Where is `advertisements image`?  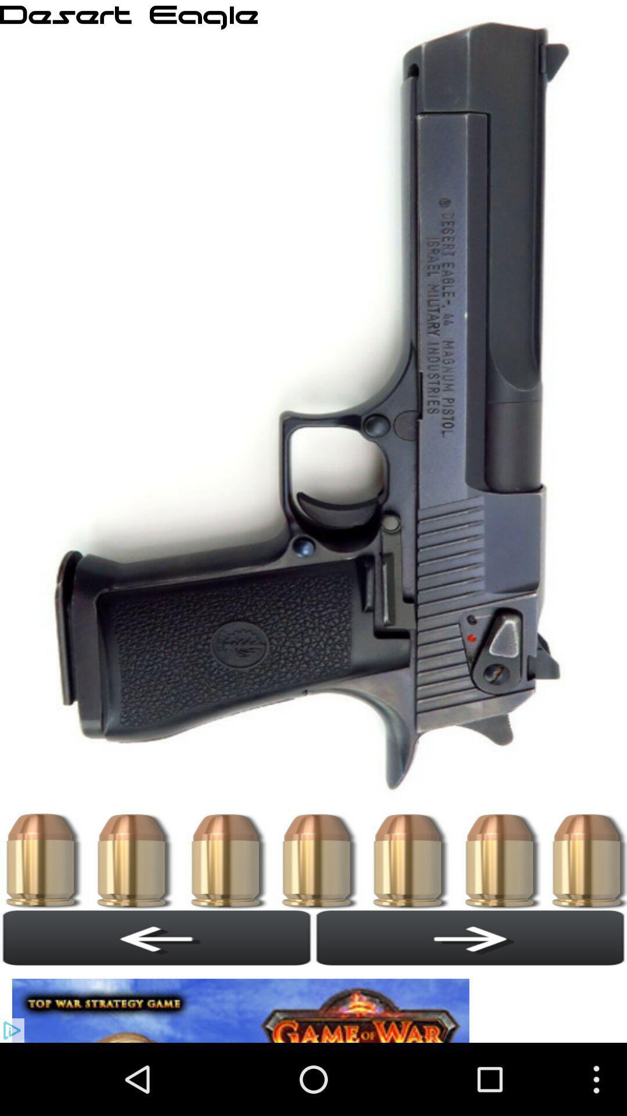
advertisements image is located at coordinates (243, 1004).